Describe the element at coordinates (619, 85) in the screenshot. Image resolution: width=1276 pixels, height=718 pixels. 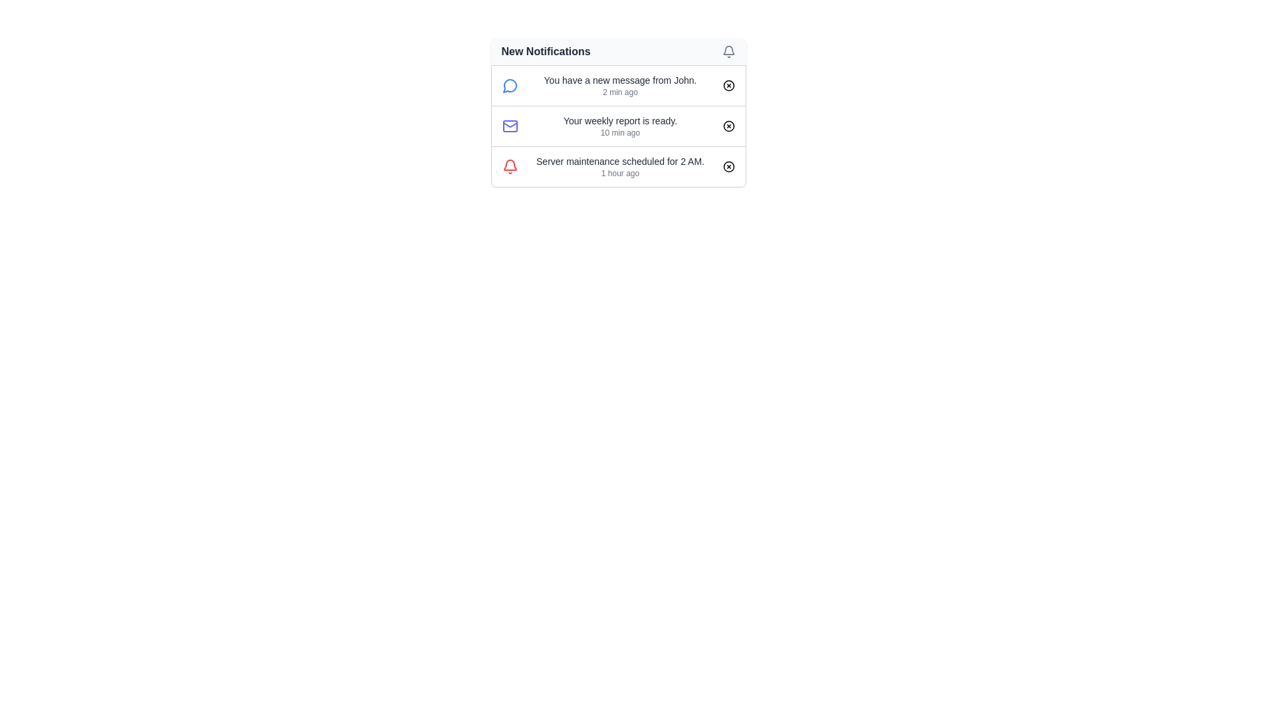
I see `the first notification item labeled 'You have a new message from John.'` at that location.